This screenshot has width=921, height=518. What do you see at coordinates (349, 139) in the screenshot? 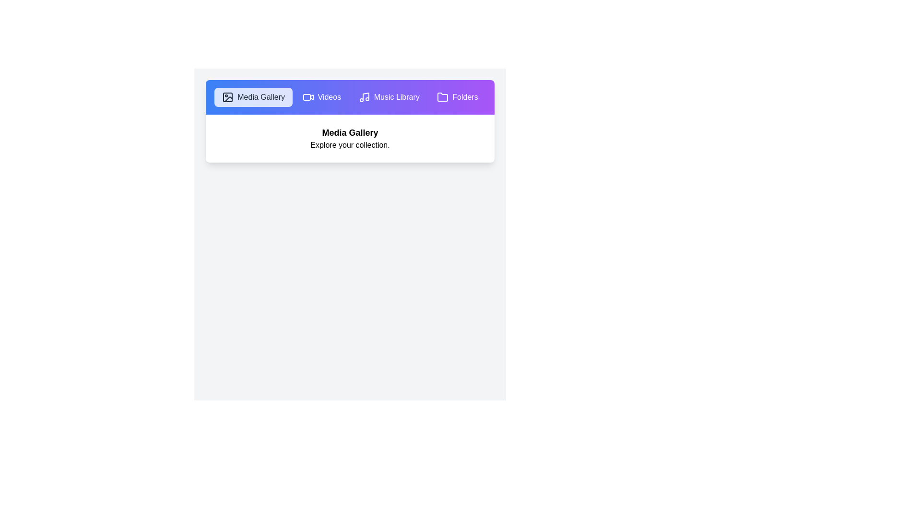
I see `the informational text block displaying 'Media Gallery' and 'Explore your collection.' which is centered below the navigation bar` at bounding box center [349, 139].